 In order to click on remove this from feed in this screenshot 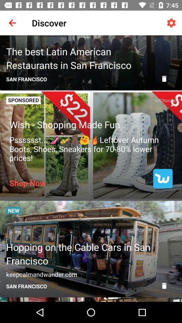, I will do `click(164, 285)`.